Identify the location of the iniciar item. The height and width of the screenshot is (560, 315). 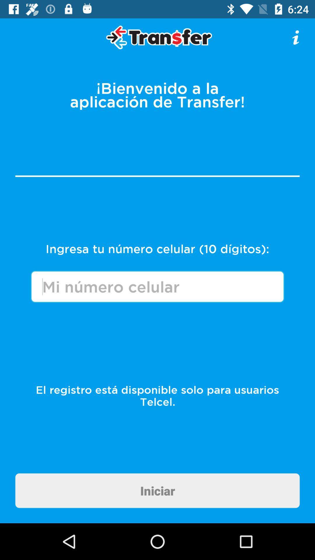
(157, 490).